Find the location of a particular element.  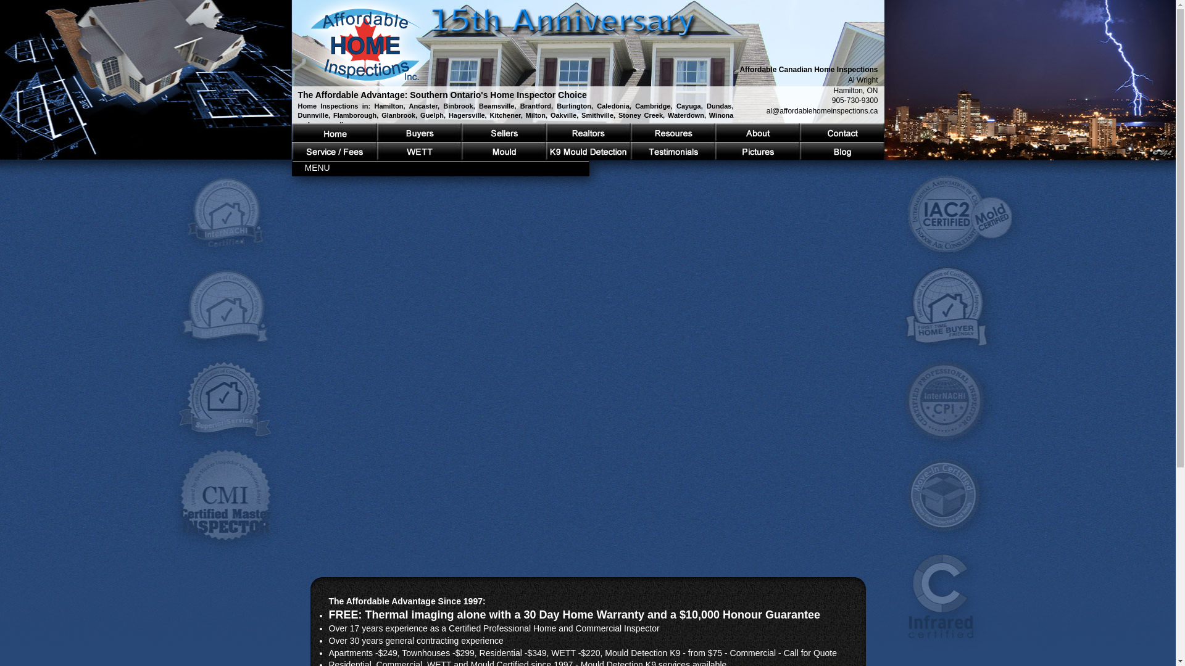

'Return to Affordable Canadian Home Inspections main page' is located at coordinates (363, 45).